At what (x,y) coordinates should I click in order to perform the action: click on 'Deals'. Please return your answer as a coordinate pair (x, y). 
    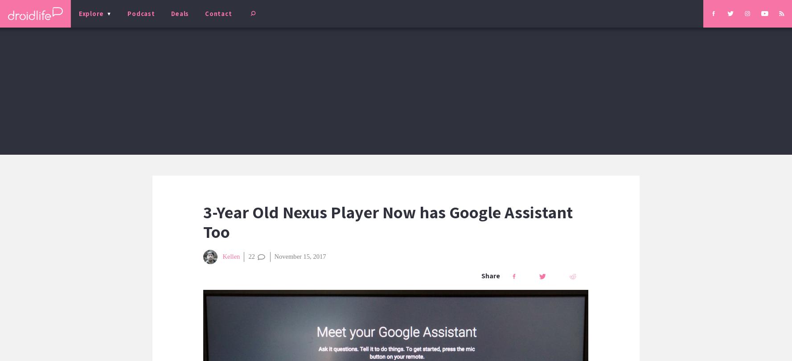
    Looking at the image, I should click on (170, 13).